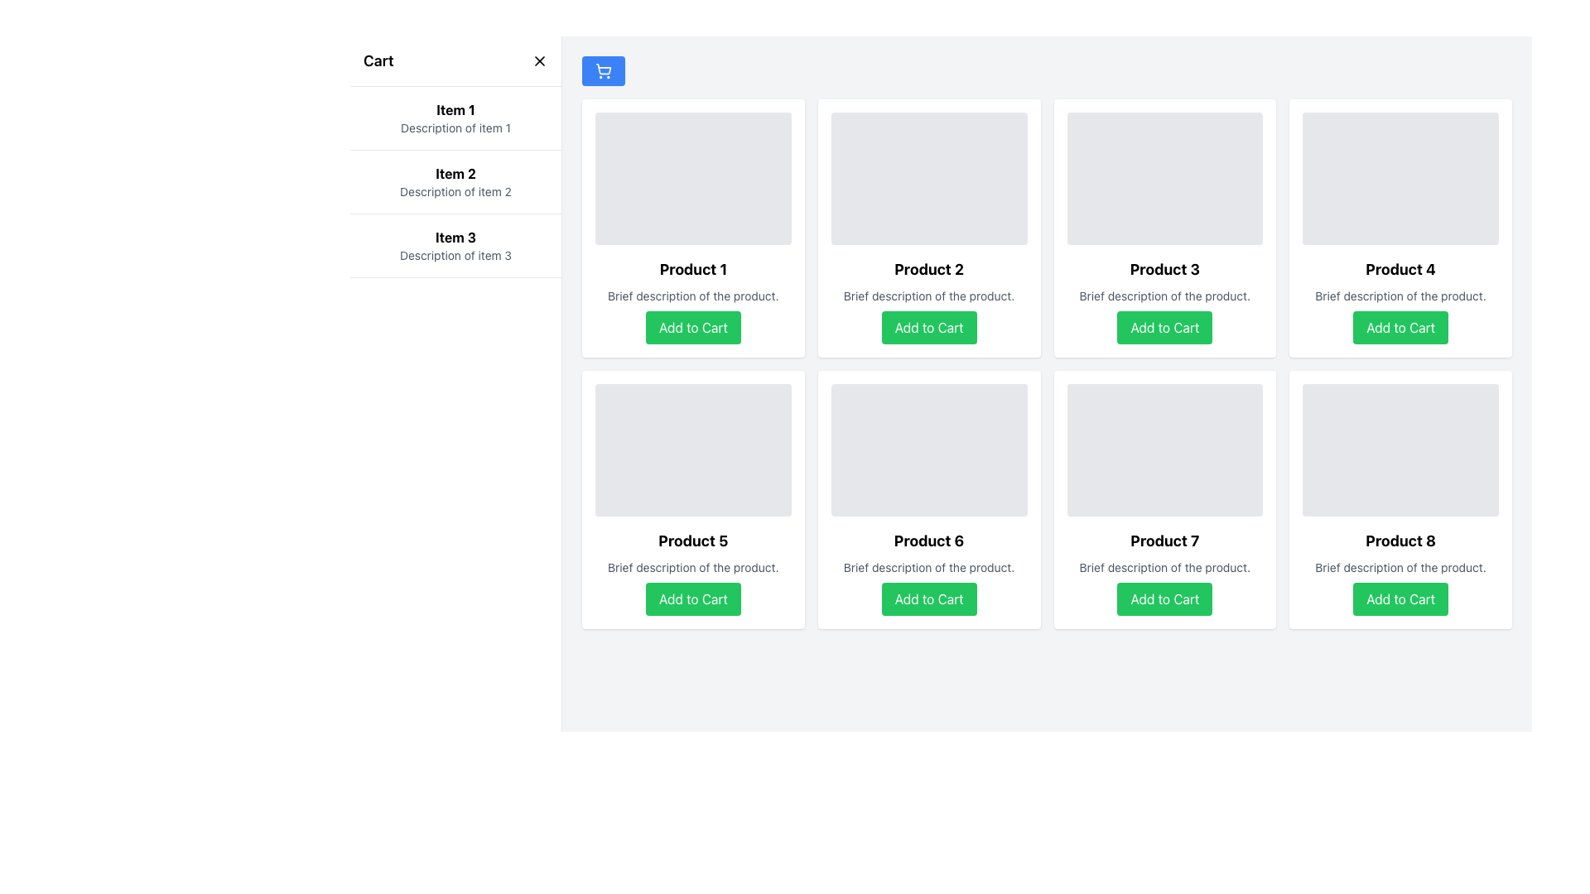  What do you see at coordinates (1400, 296) in the screenshot?
I see `the descriptive text label located between 'Product 4' and the 'Add to Cart' button in the fourth column of the top row in the product grid` at bounding box center [1400, 296].